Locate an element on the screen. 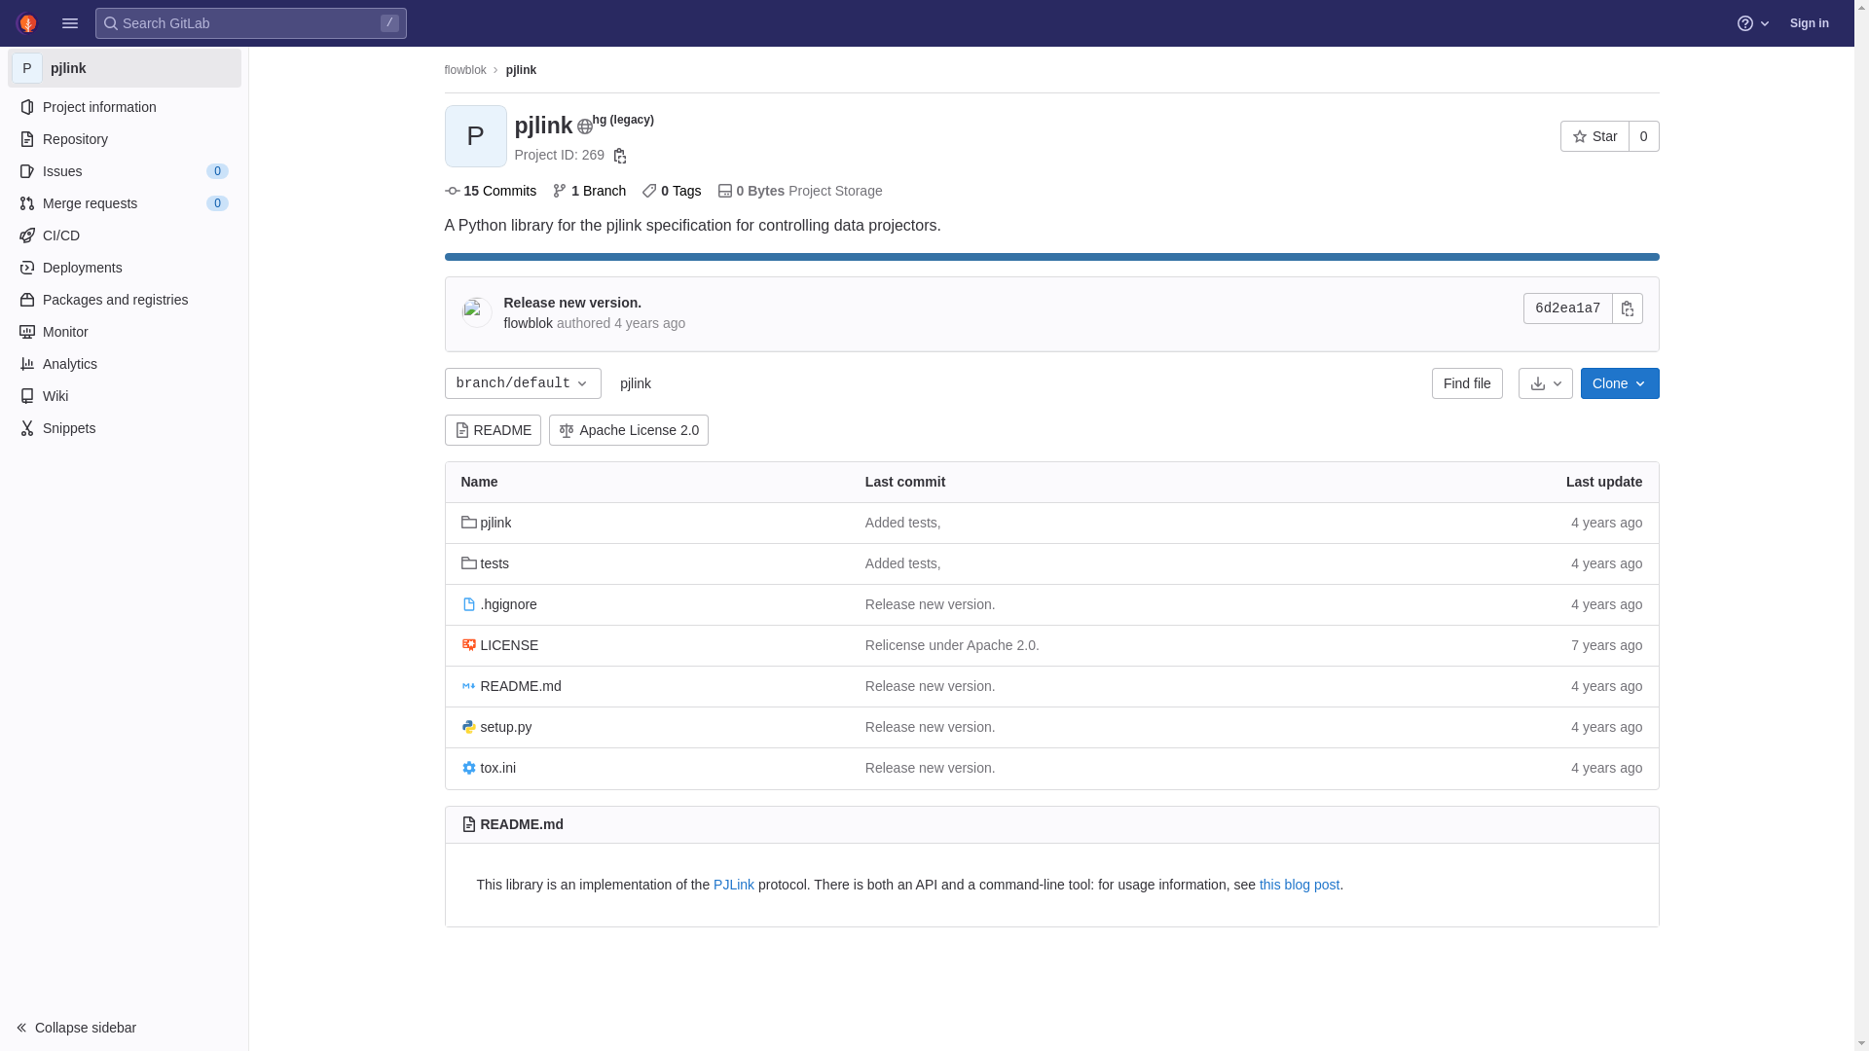 This screenshot has height=1051, width=1869. 'Snippets' is located at coordinates (8, 426).